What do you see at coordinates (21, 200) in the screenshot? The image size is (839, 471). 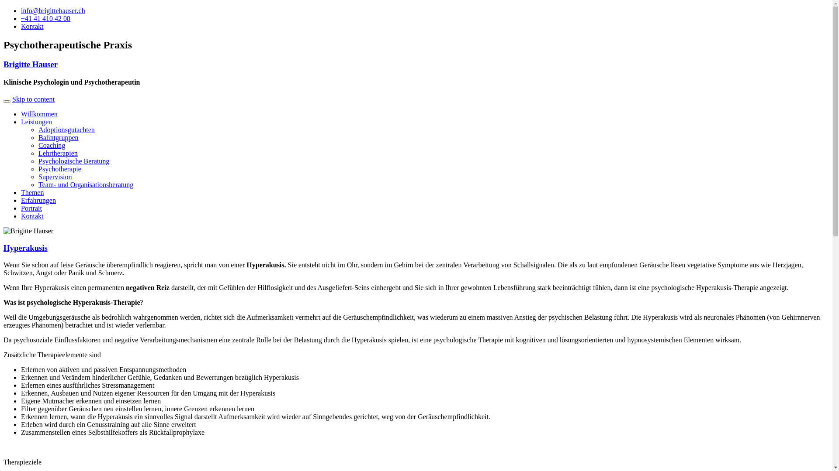 I see `'Erfahrungen'` at bounding box center [21, 200].